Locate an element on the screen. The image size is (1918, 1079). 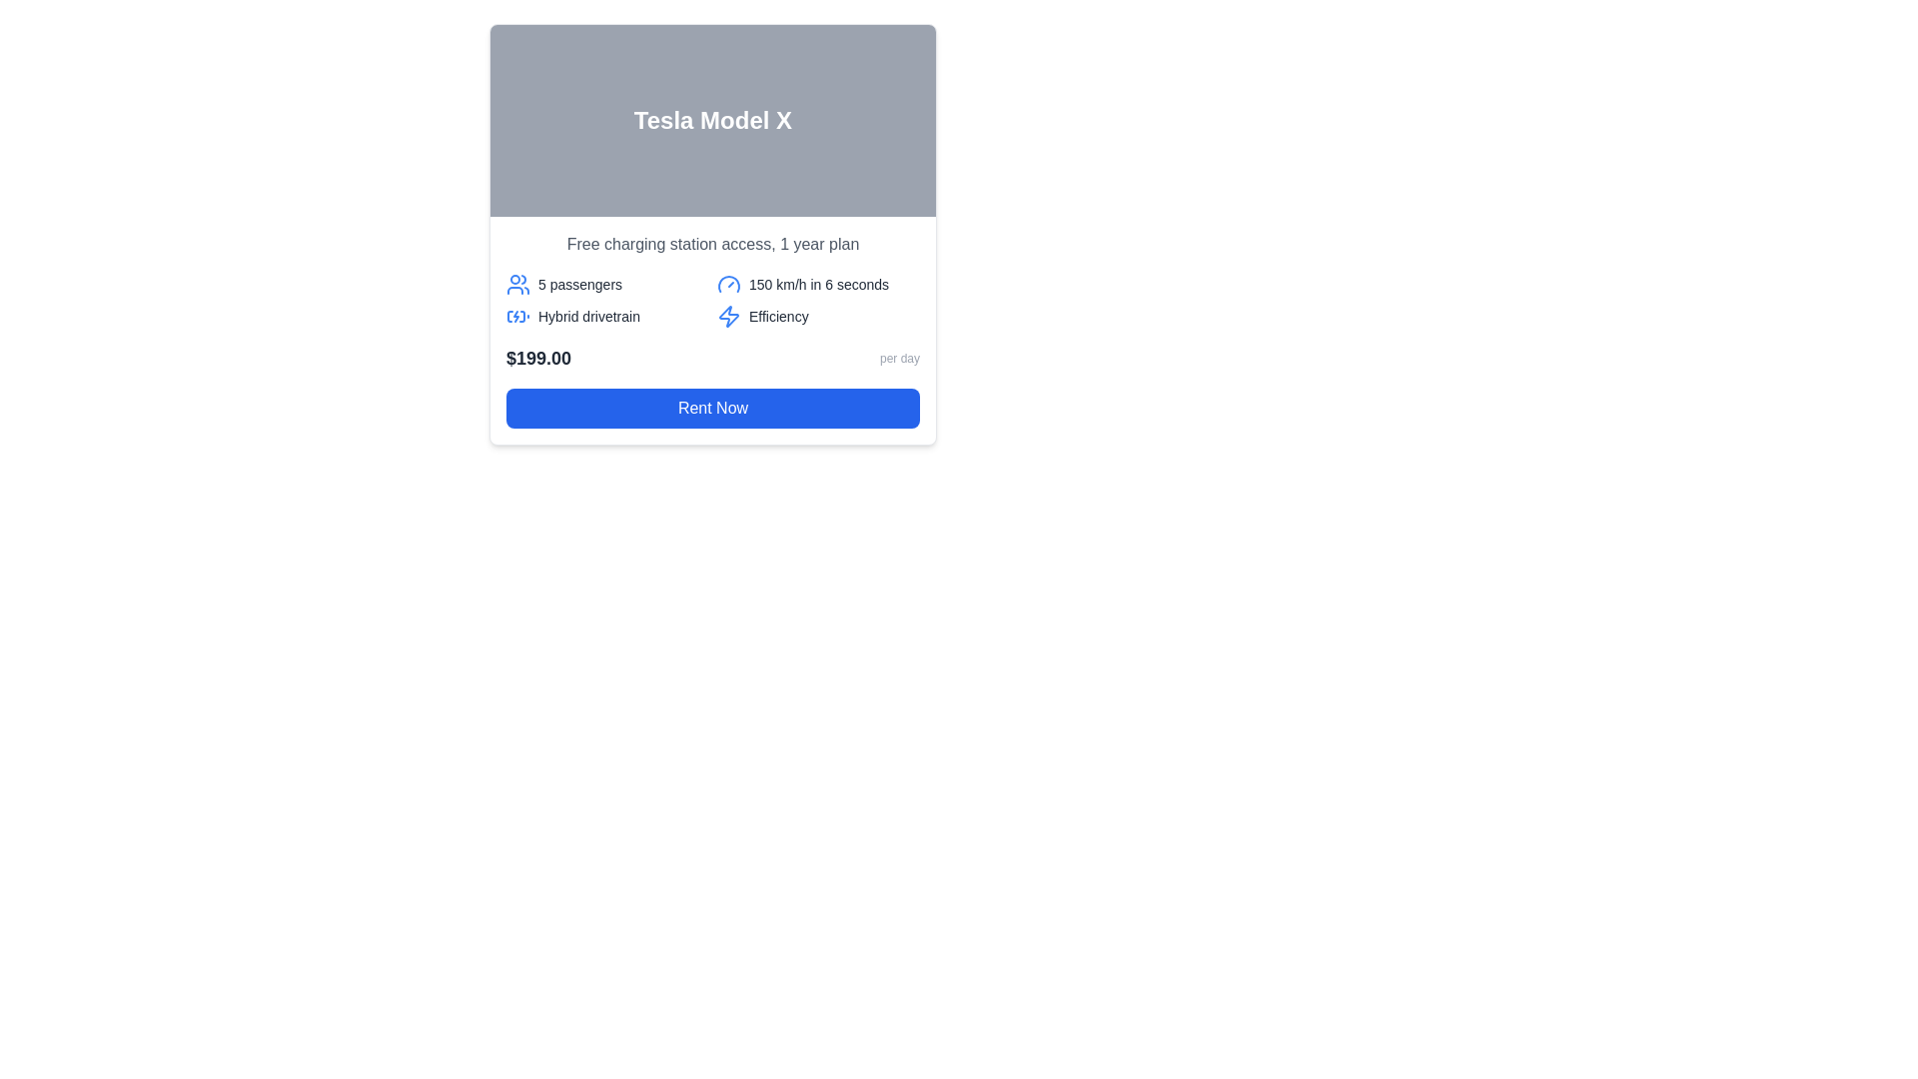
the text element displaying '150 km/h in 6 seconds', which is styled in gray and located in the central-right portion of the card, adjacent to a blue circular gauge icon is located at coordinates (819, 285).